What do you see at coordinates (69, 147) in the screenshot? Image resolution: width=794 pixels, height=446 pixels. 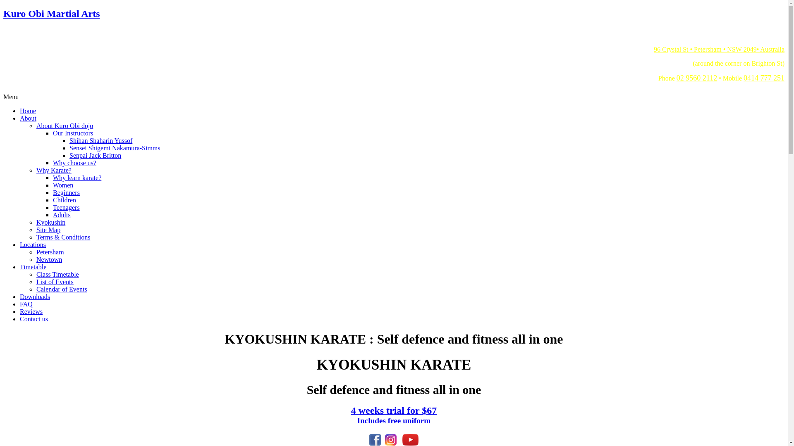 I see `'Sensei Shigemi Nakamura-Simms'` at bounding box center [69, 147].